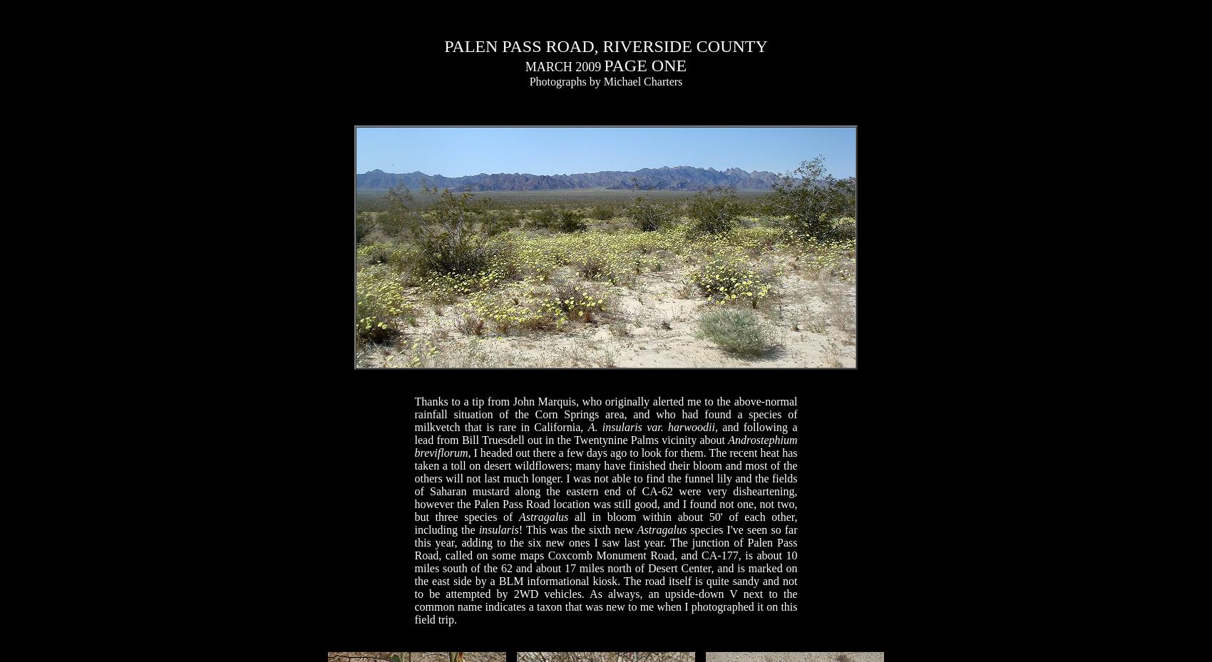 The height and width of the screenshot is (662, 1212). What do you see at coordinates (605, 81) in the screenshot?
I see `'Photographs by Michael Charters'` at bounding box center [605, 81].